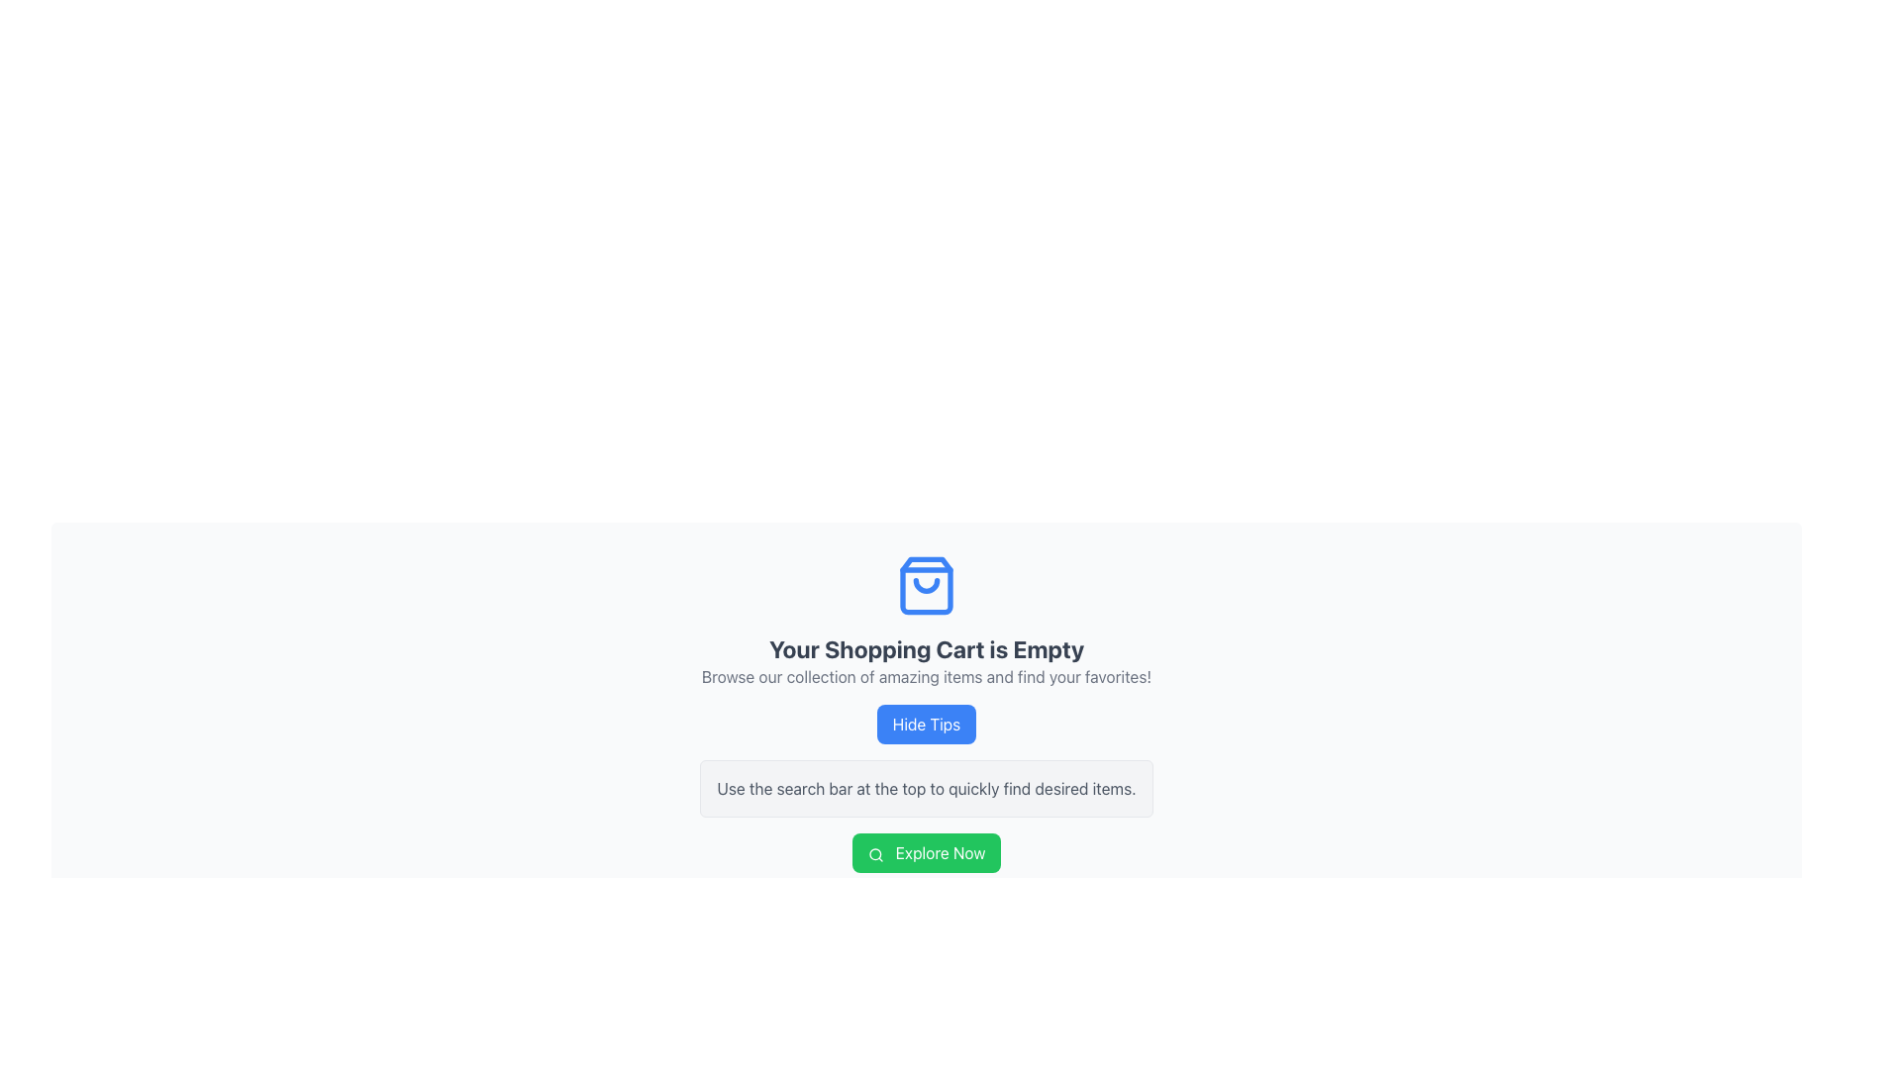  I want to click on the button at the bottom of the shopping cart interface to explore the collection of items, so click(926, 851).